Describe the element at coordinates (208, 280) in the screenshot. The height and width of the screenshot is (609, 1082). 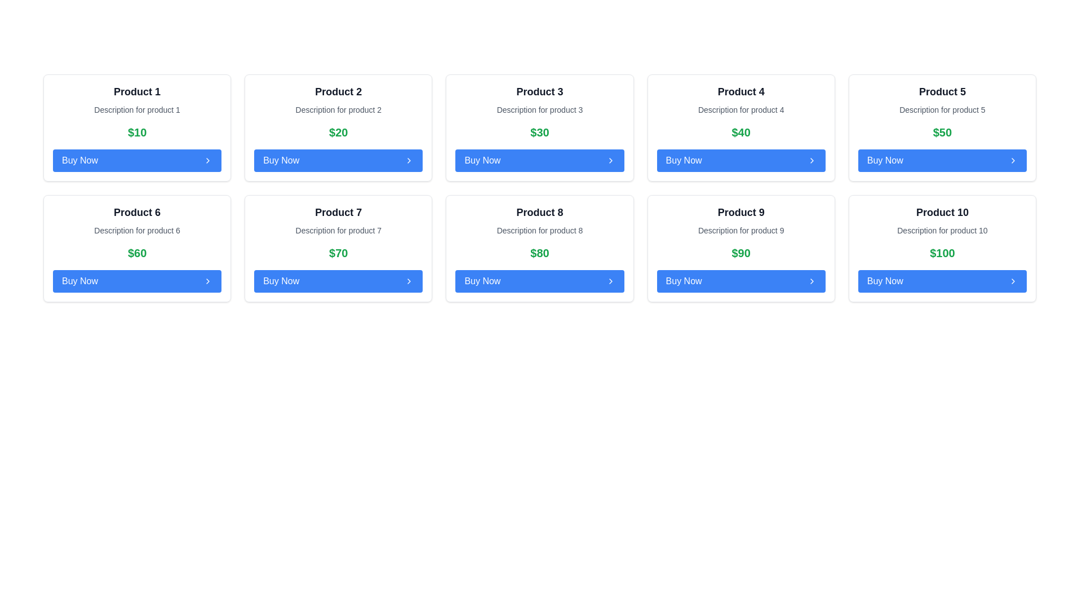
I see `the 'Buy Now' button for 'Product 6', which contains the icon located at the far-right end of the button` at that location.